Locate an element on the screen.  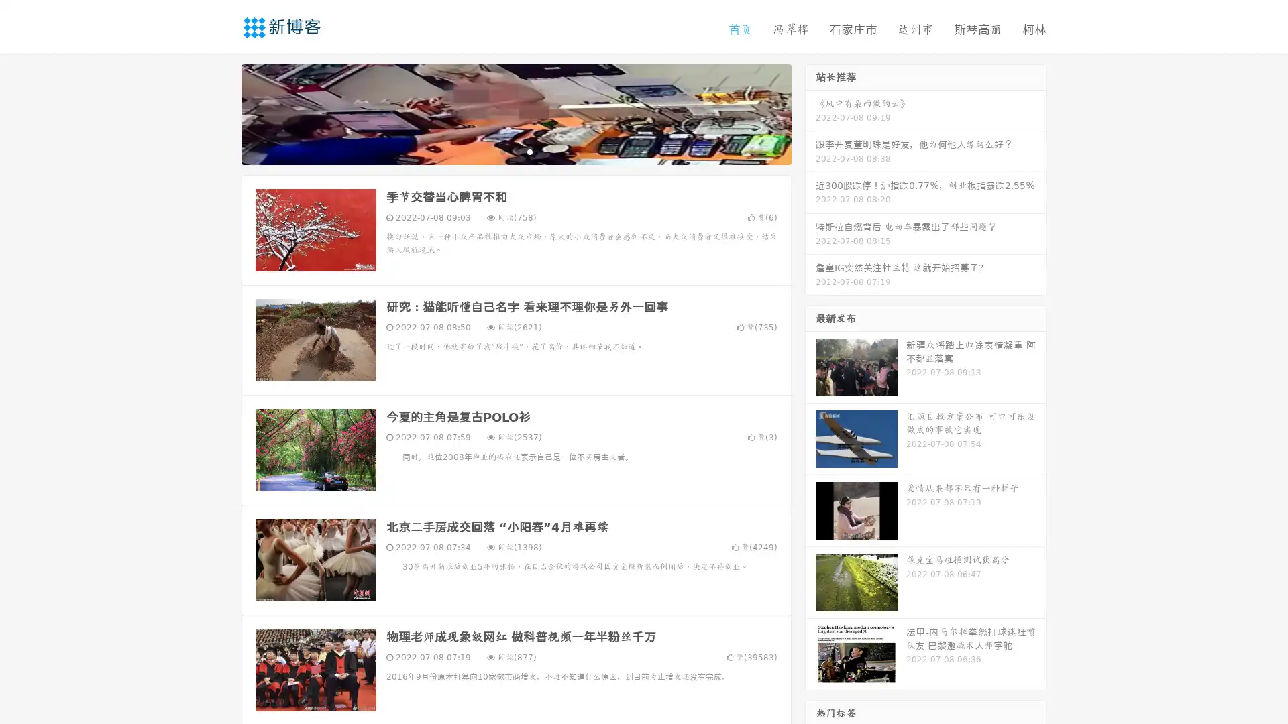
Next slide is located at coordinates (810, 113).